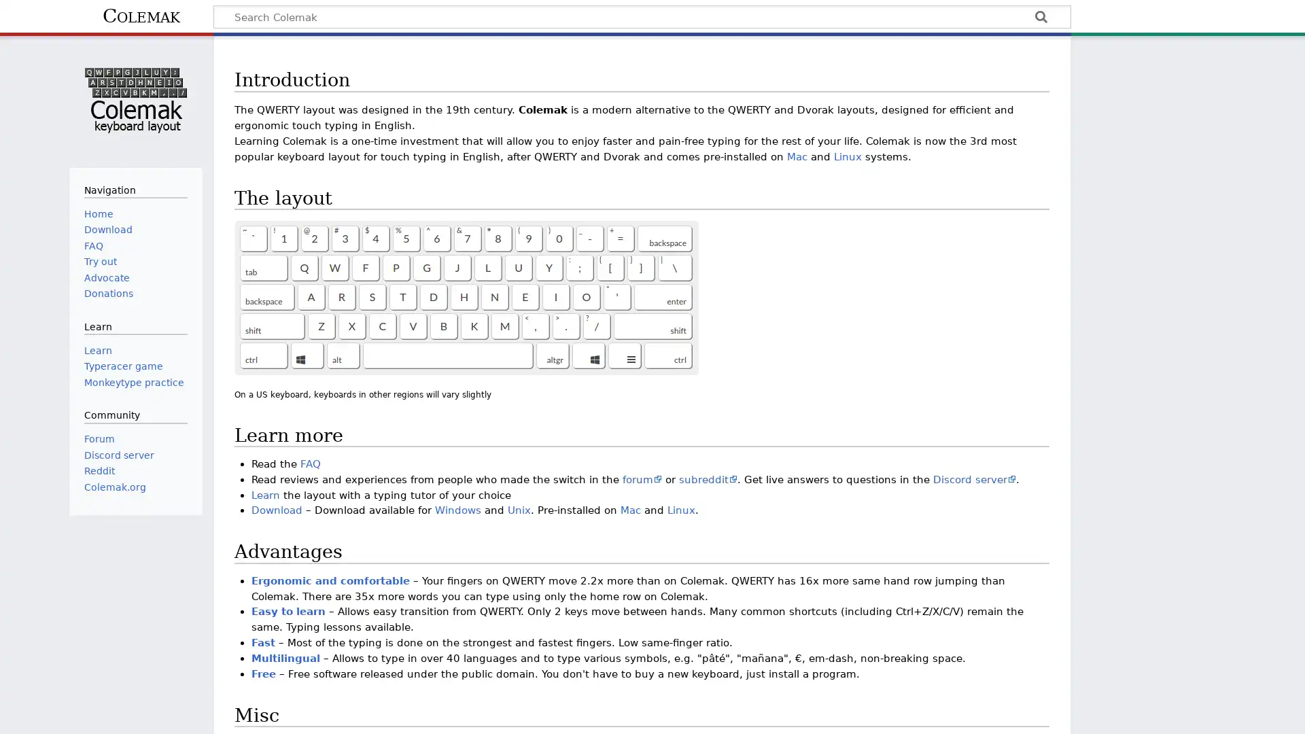 Image resolution: width=1305 pixels, height=734 pixels. Describe the element at coordinates (1040, 18) in the screenshot. I see `Search` at that location.